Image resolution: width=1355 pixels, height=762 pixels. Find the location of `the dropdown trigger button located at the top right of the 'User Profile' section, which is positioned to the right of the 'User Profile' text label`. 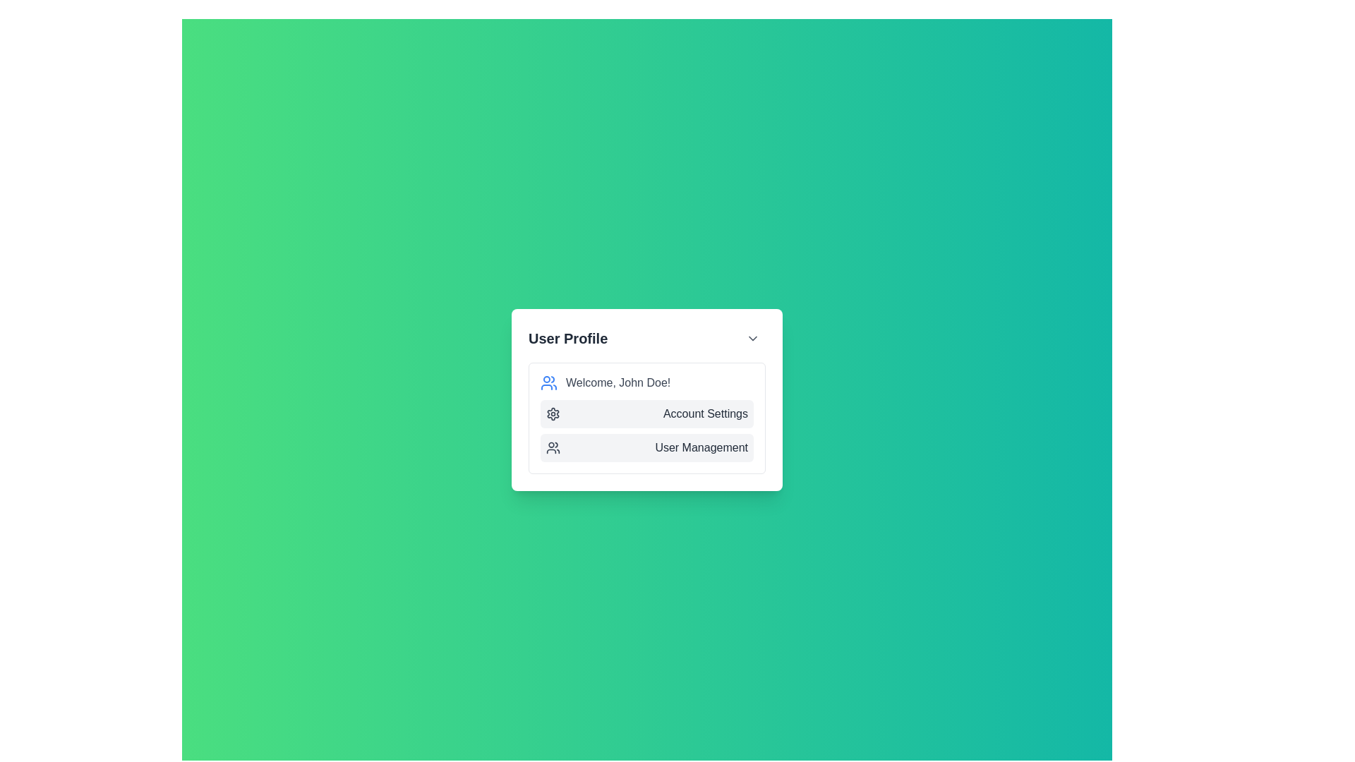

the dropdown trigger button located at the top right of the 'User Profile' section, which is positioned to the right of the 'User Profile' text label is located at coordinates (752, 338).